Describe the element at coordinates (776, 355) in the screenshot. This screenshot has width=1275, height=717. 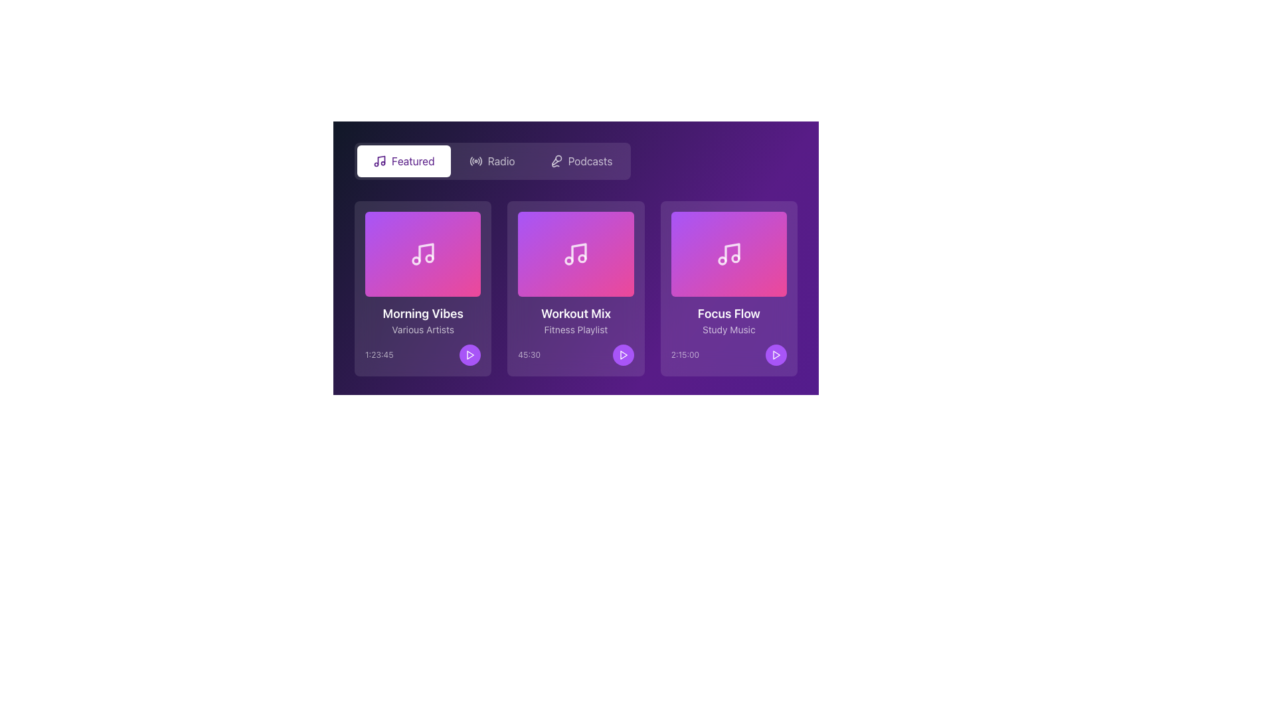
I see `the 'Play' icon located at the center of the circular button in the bottom-right corner of the 'Focus Flow' music card` at that location.